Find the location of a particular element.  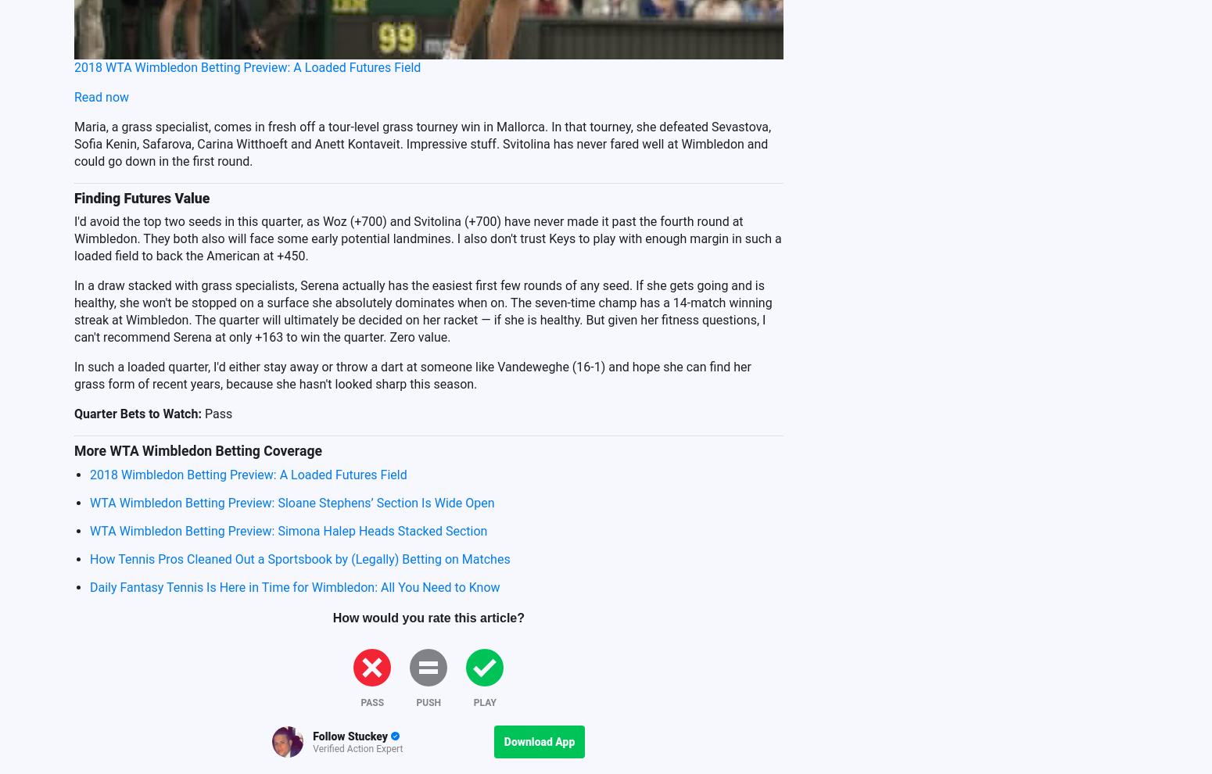

'2018 Wimbledon Betting Preview: A Loaded Futures Field' is located at coordinates (90, 473).